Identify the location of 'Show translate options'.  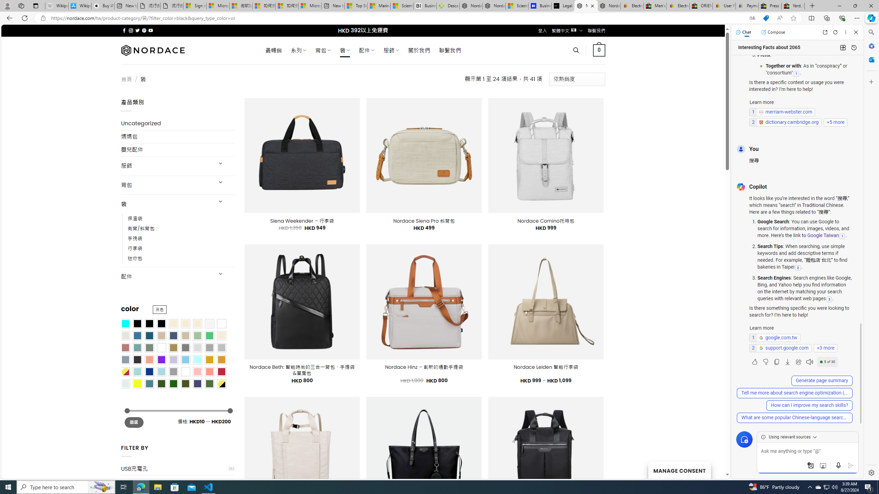
(752, 18).